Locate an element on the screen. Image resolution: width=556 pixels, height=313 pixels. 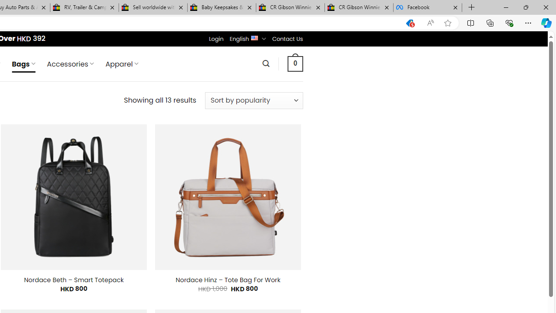
' 0 ' is located at coordinates (295, 63).